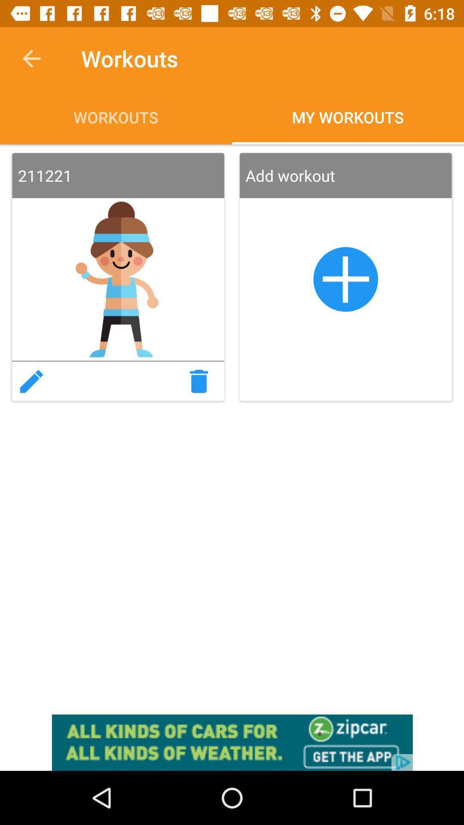 This screenshot has height=825, width=464. Describe the element at coordinates (201, 381) in the screenshot. I see `delede` at that location.